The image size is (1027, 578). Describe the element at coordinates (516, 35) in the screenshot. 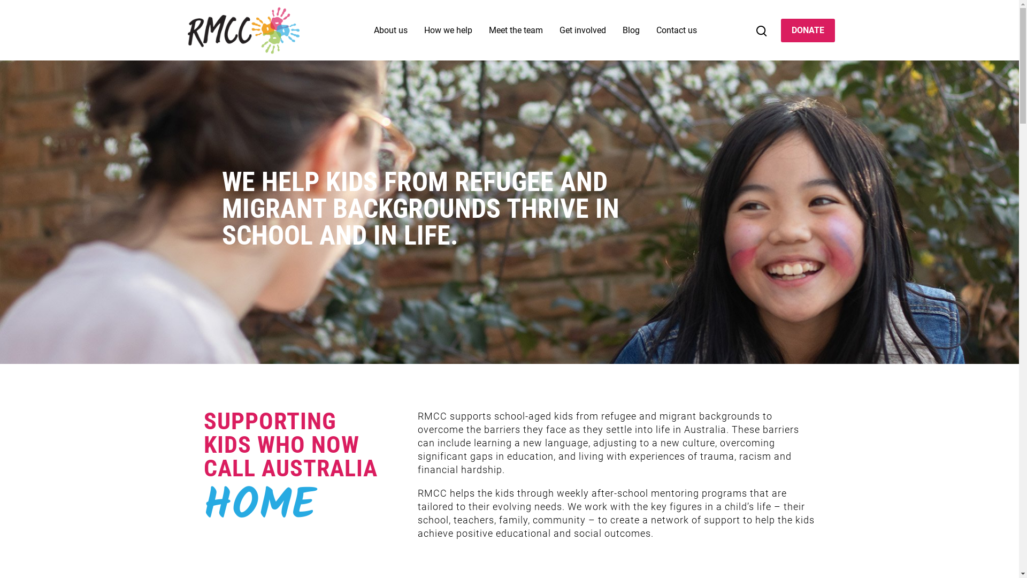

I see `'Meet the team'` at that location.